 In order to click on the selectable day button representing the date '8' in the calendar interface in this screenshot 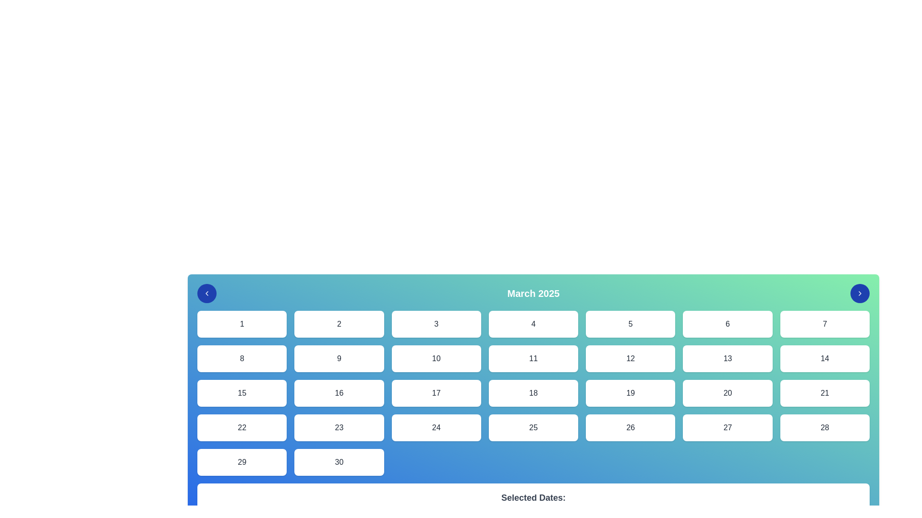, I will do `click(242, 359)`.